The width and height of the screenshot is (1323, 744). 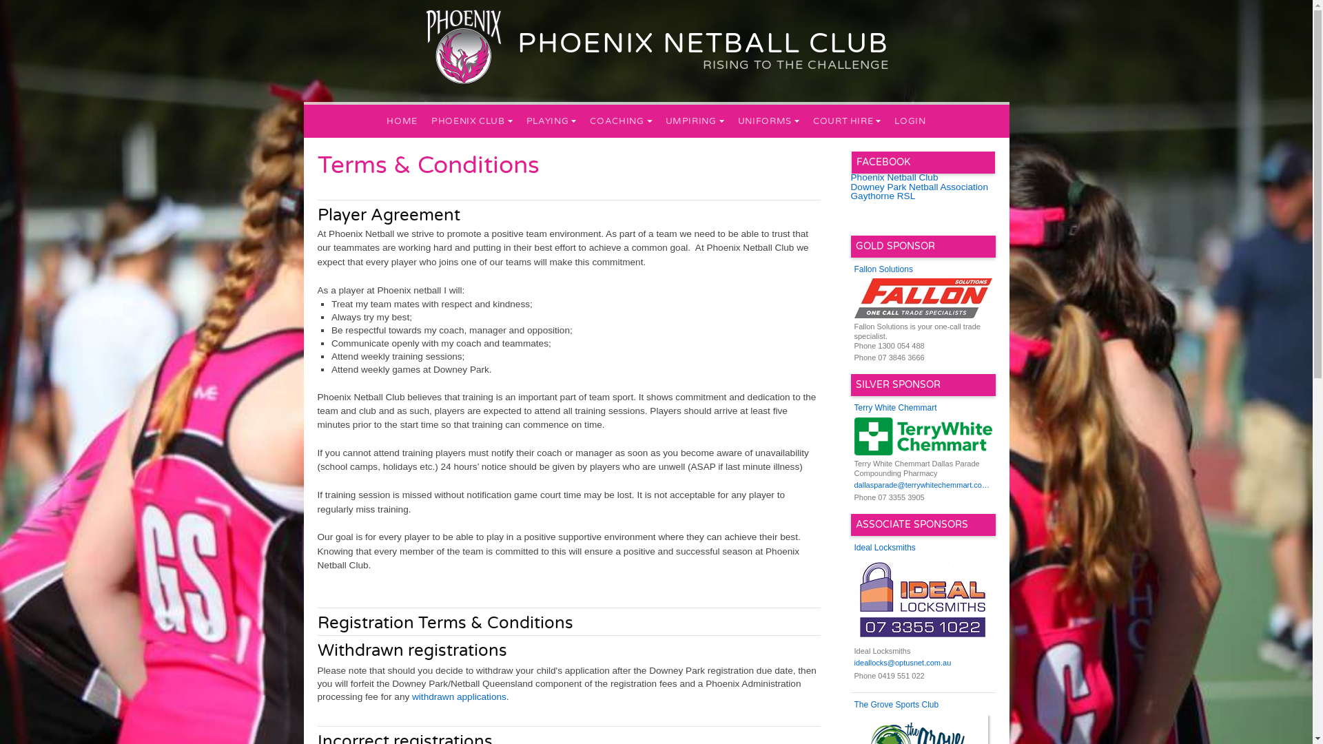 I want to click on 'PLAYING', so click(x=518, y=121).